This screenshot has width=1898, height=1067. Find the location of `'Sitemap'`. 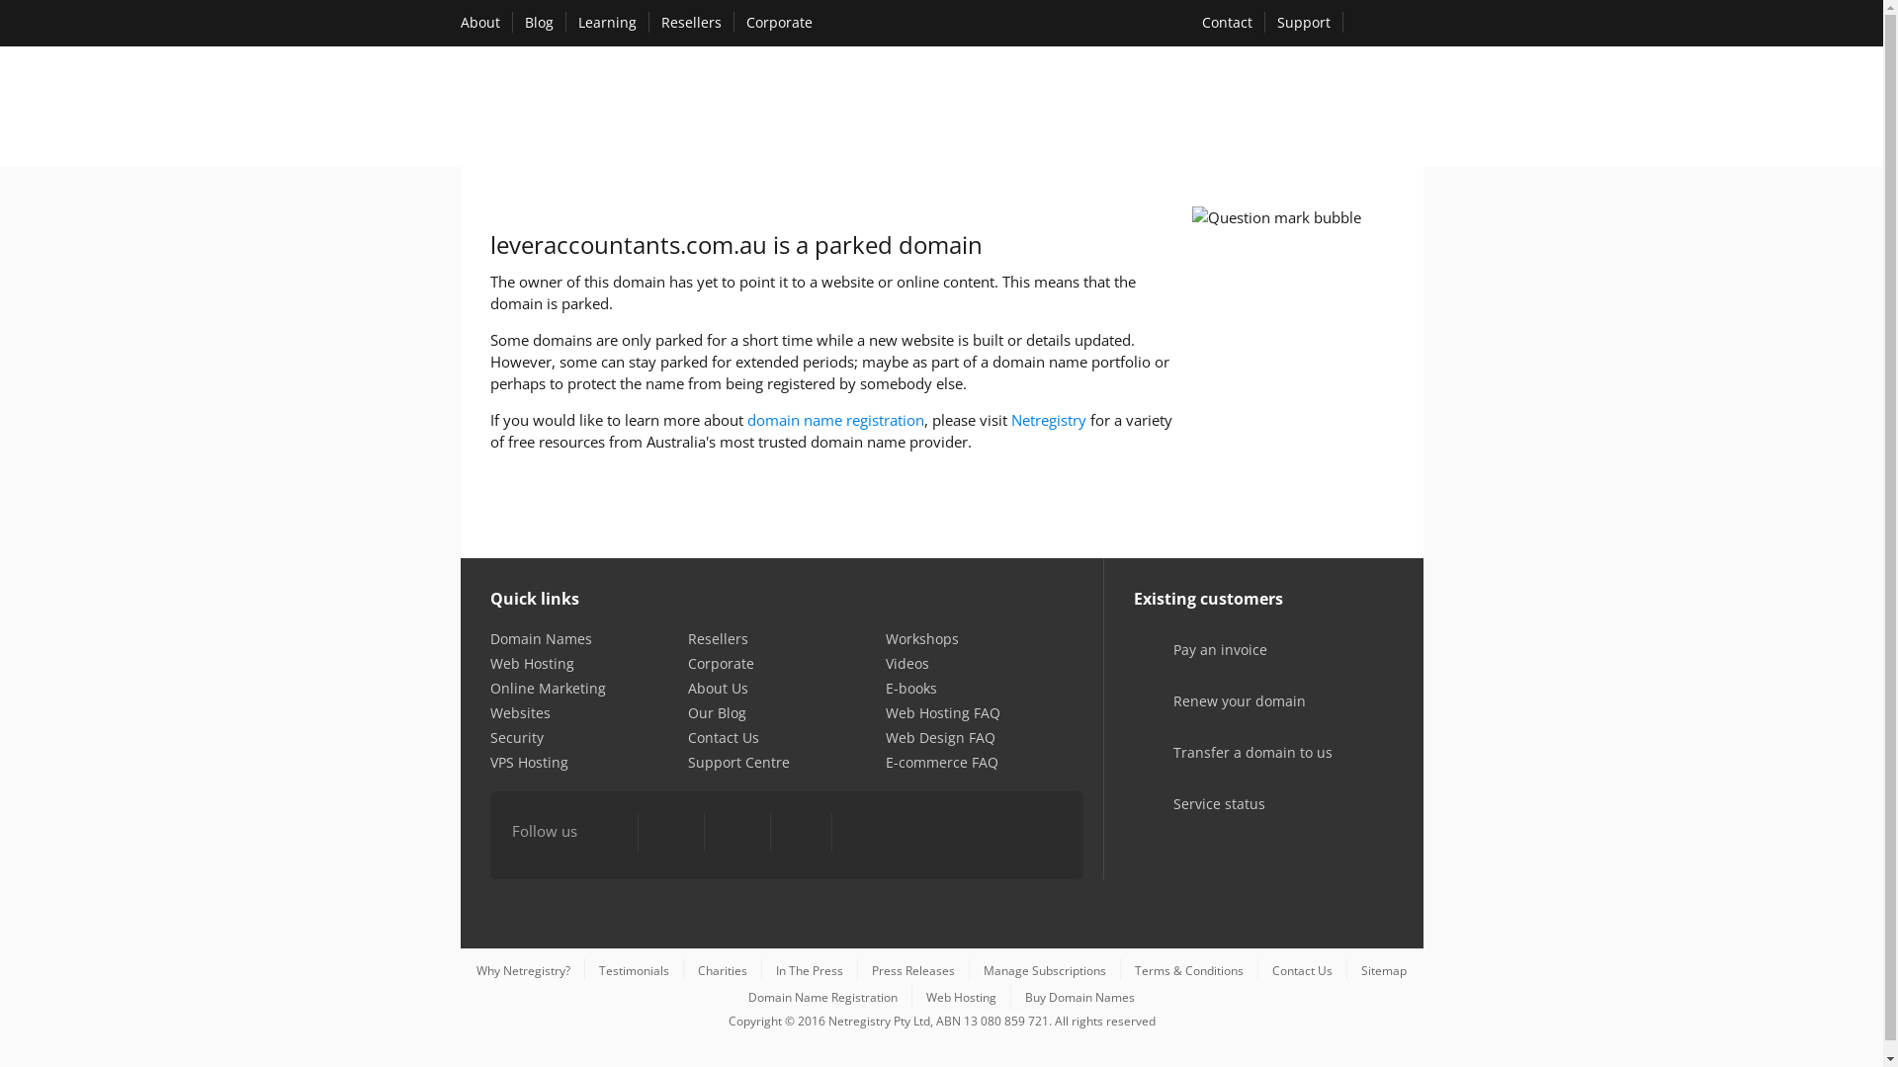

'Sitemap' is located at coordinates (1383, 969).